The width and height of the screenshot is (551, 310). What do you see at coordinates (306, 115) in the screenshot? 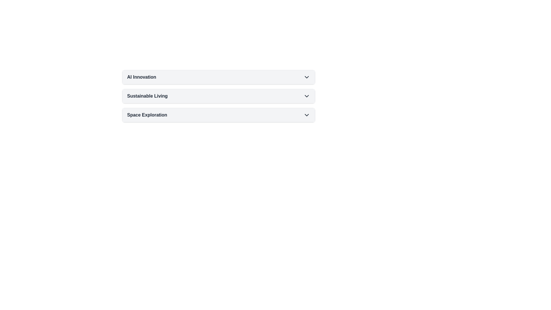
I see `the Dropdown toggle icon located at the far right side of the 'Space Exploration' tab` at bounding box center [306, 115].